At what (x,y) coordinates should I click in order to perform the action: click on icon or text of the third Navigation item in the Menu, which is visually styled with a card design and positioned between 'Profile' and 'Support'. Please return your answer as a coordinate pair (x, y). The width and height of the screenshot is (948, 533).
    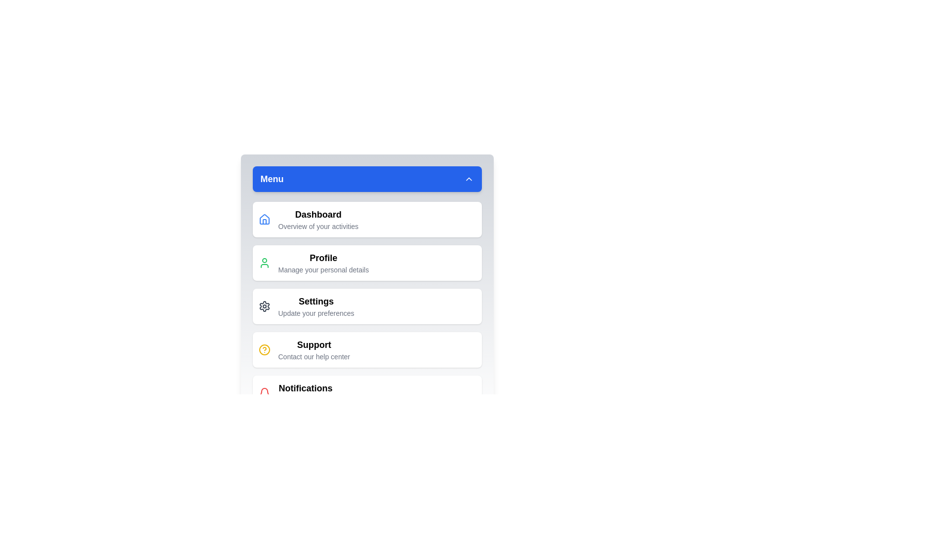
    Looking at the image, I should click on (366, 306).